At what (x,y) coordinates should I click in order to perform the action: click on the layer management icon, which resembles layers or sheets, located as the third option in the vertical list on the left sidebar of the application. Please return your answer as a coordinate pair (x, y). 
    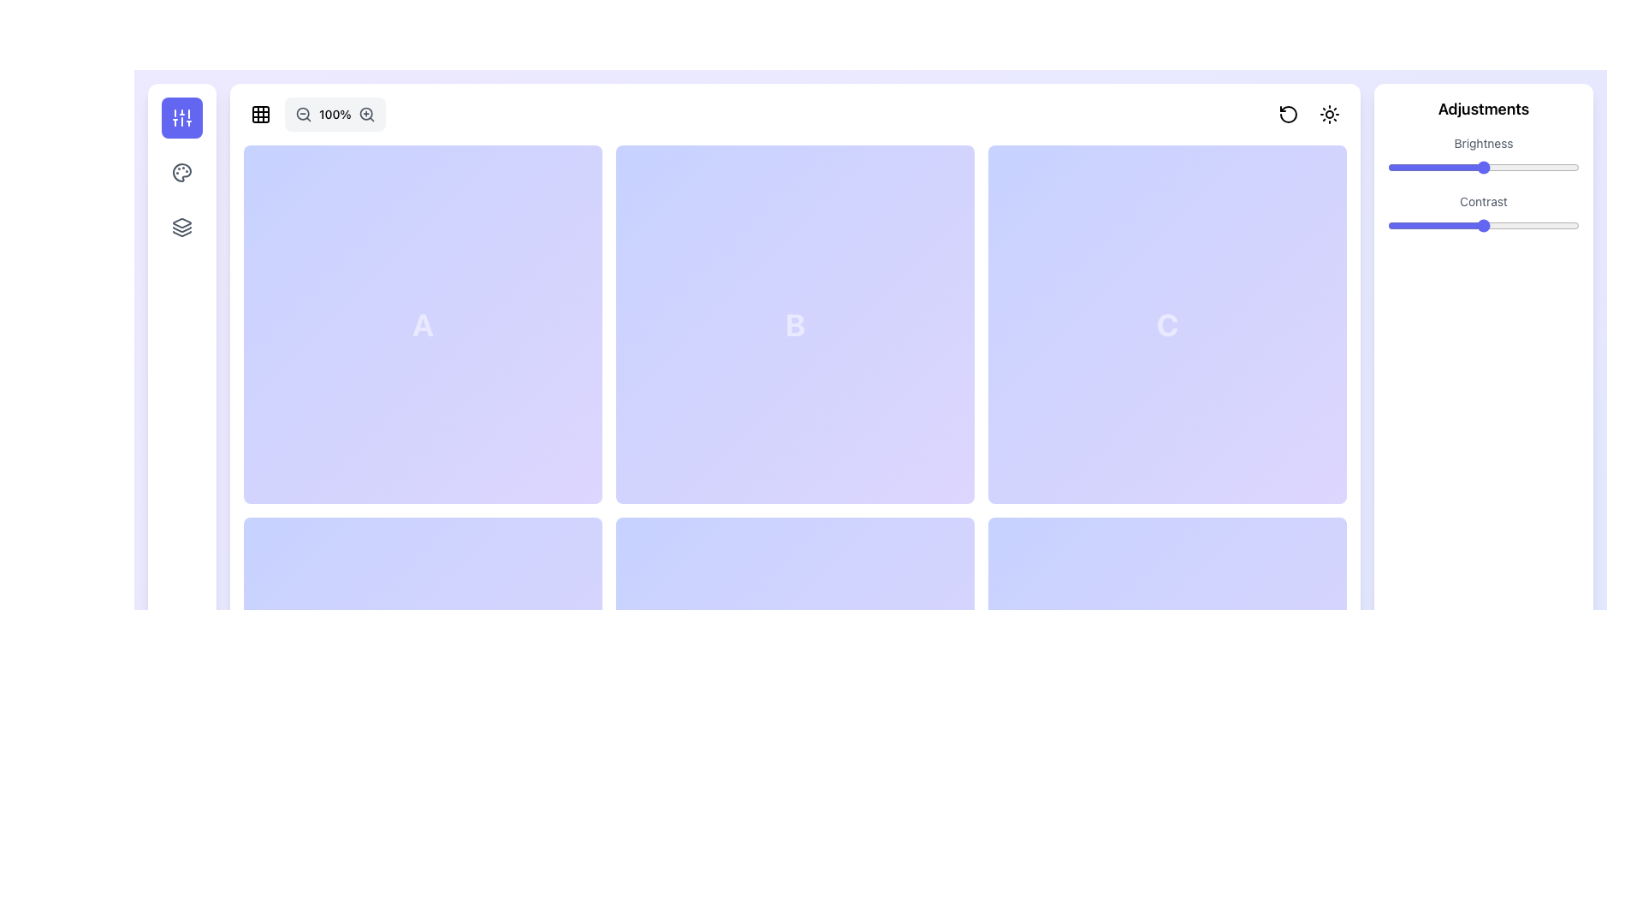
    Looking at the image, I should click on (181, 227).